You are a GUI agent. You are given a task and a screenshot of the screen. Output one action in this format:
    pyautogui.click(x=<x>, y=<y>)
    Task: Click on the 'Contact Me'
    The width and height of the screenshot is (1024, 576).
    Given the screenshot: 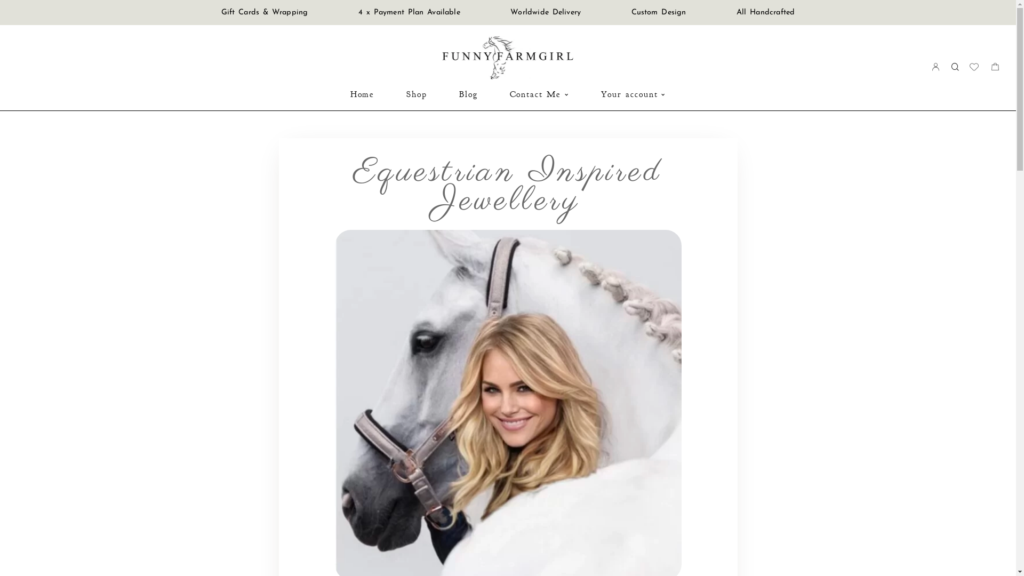 What is the action you would take?
    pyautogui.click(x=540, y=94)
    